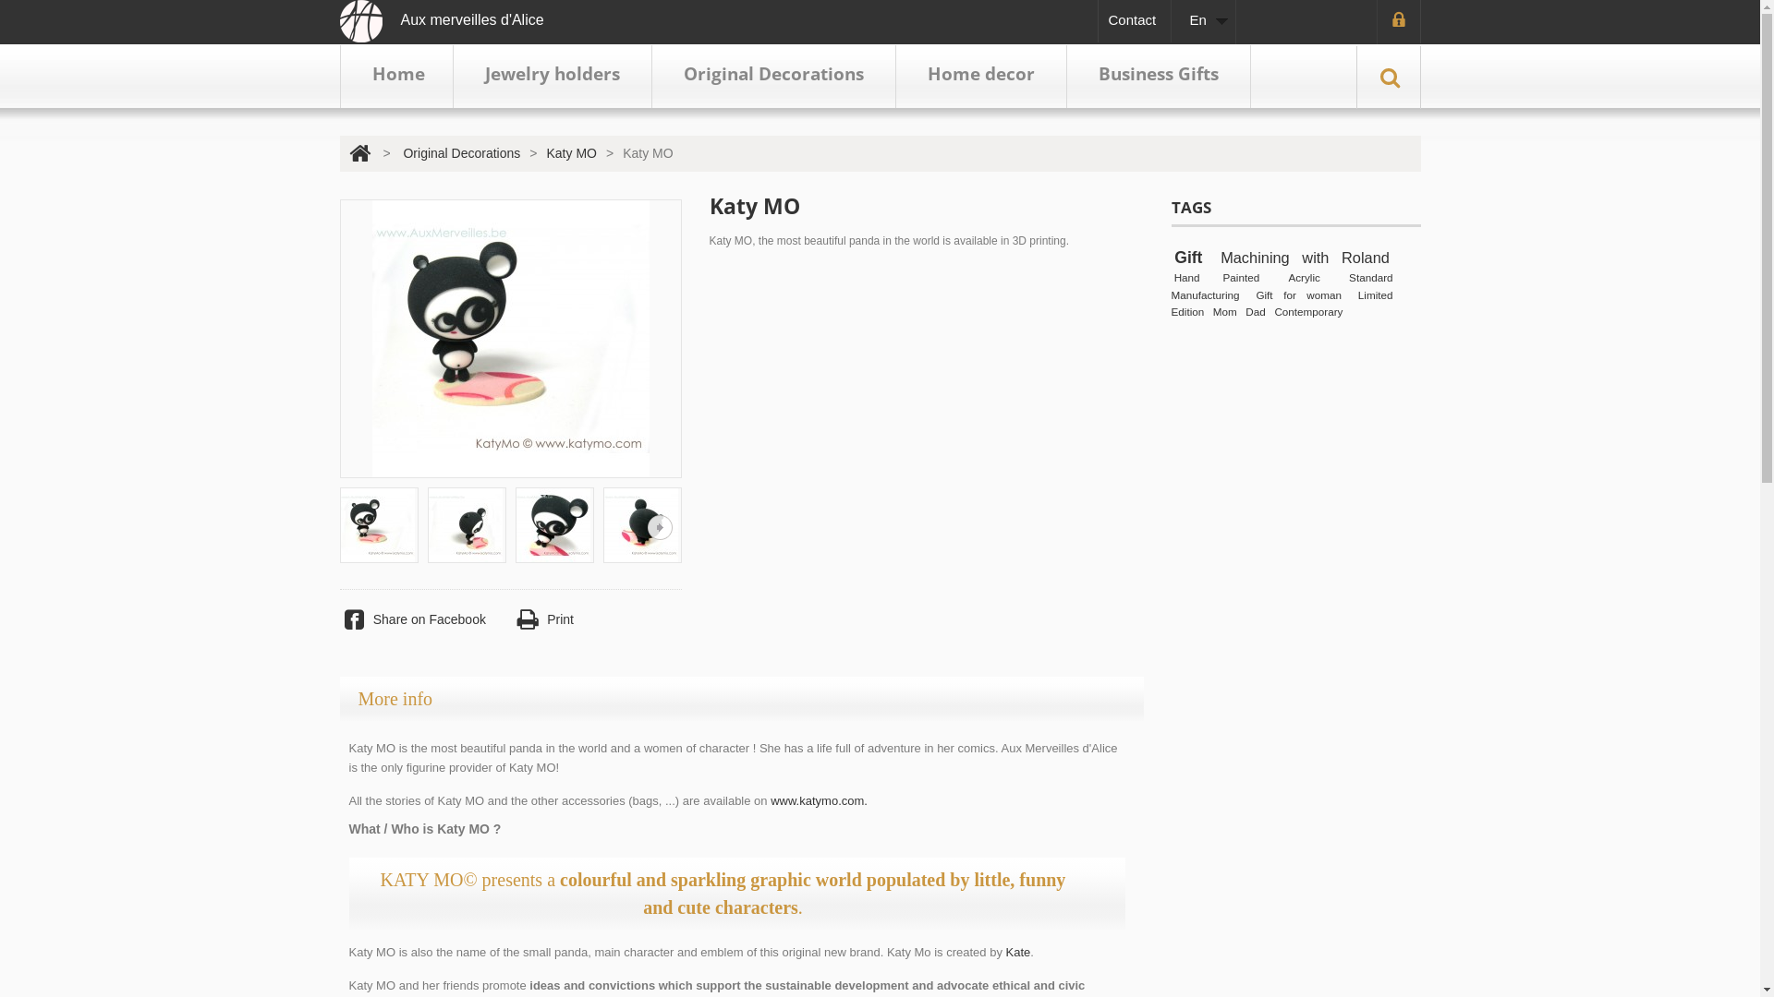 Image resolution: width=1774 pixels, height=997 pixels. I want to click on 'Katy MO: Katy MO / Original Decorations', so click(602, 525).